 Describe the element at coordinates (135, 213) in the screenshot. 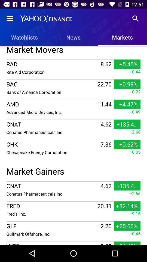

I see `item below the +82.14% item` at that location.